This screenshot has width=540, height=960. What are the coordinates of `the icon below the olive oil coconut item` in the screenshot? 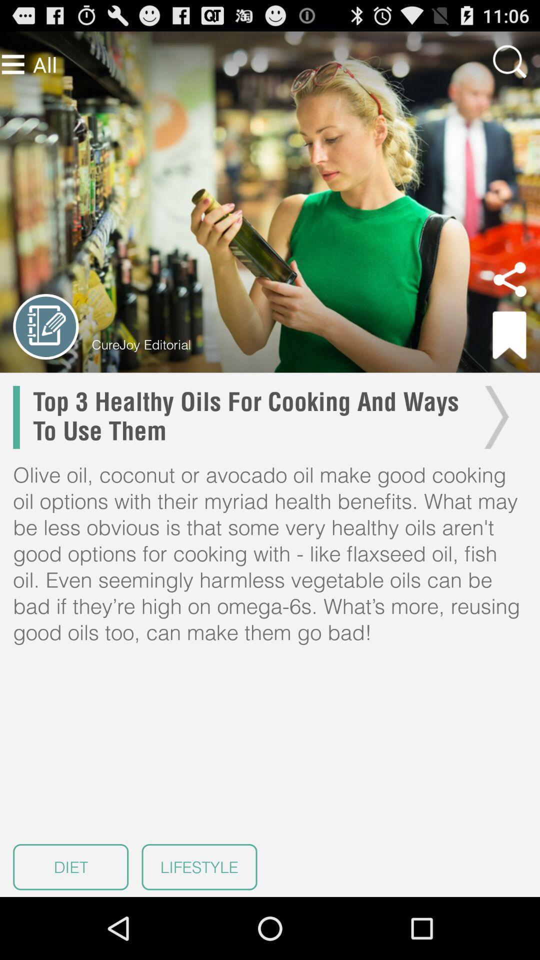 It's located at (70, 866).